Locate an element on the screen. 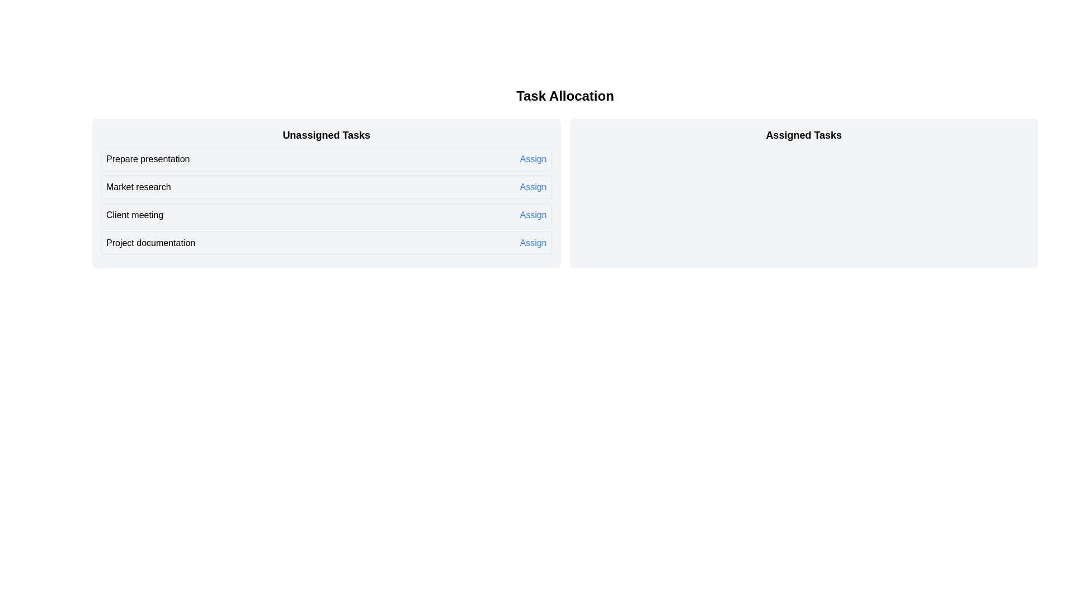  the 'Assign' hyperlink, which is styled in blue and underlines when hovered, located to the right of 'Prepare presentation' in the 'Unassigned Tasks' list is located at coordinates (533, 159).